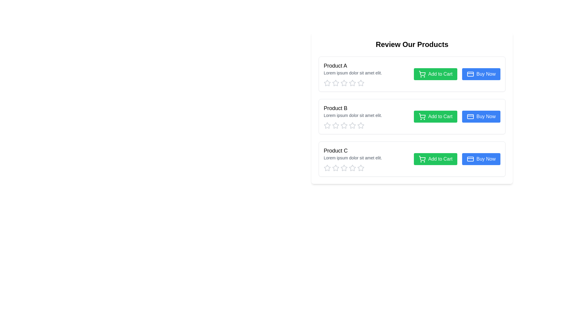  What do you see at coordinates (335, 167) in the screenshot?
I see `the first star icon in the rating section for Product C` at bounding box center [335, 167].